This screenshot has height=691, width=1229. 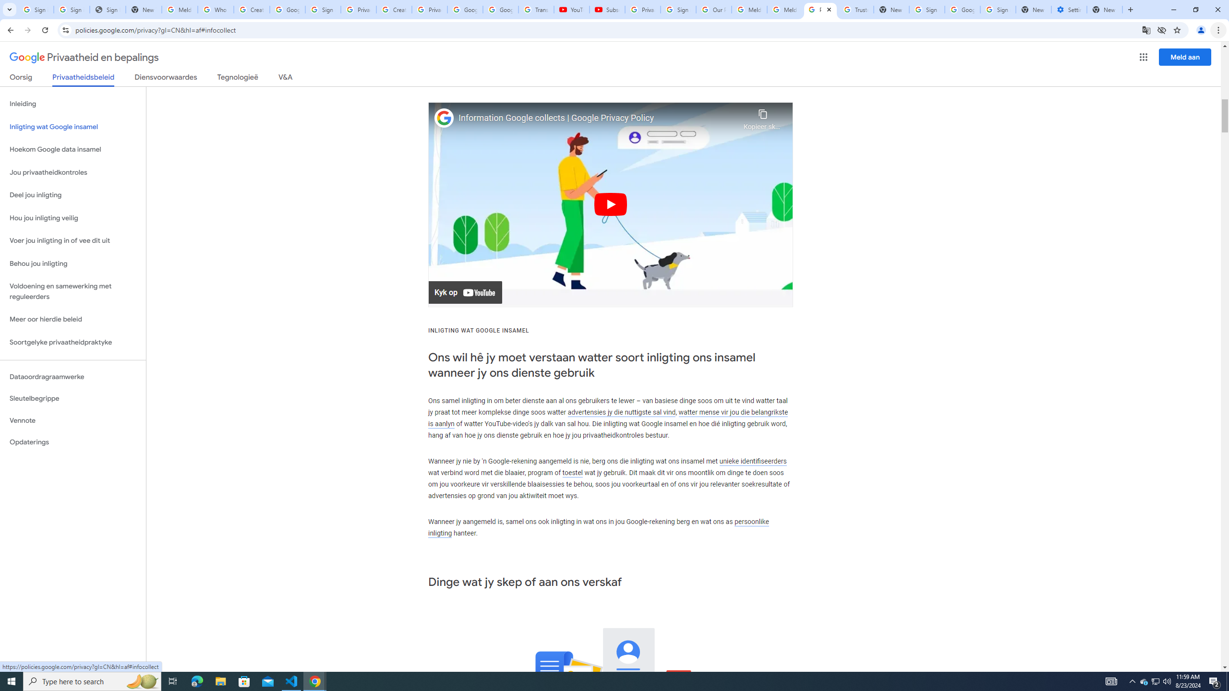 What do you see at coordinates (72, 263) in the screenshot?
I see `'Behou jou inligting'` at bounding box center [72, 263].